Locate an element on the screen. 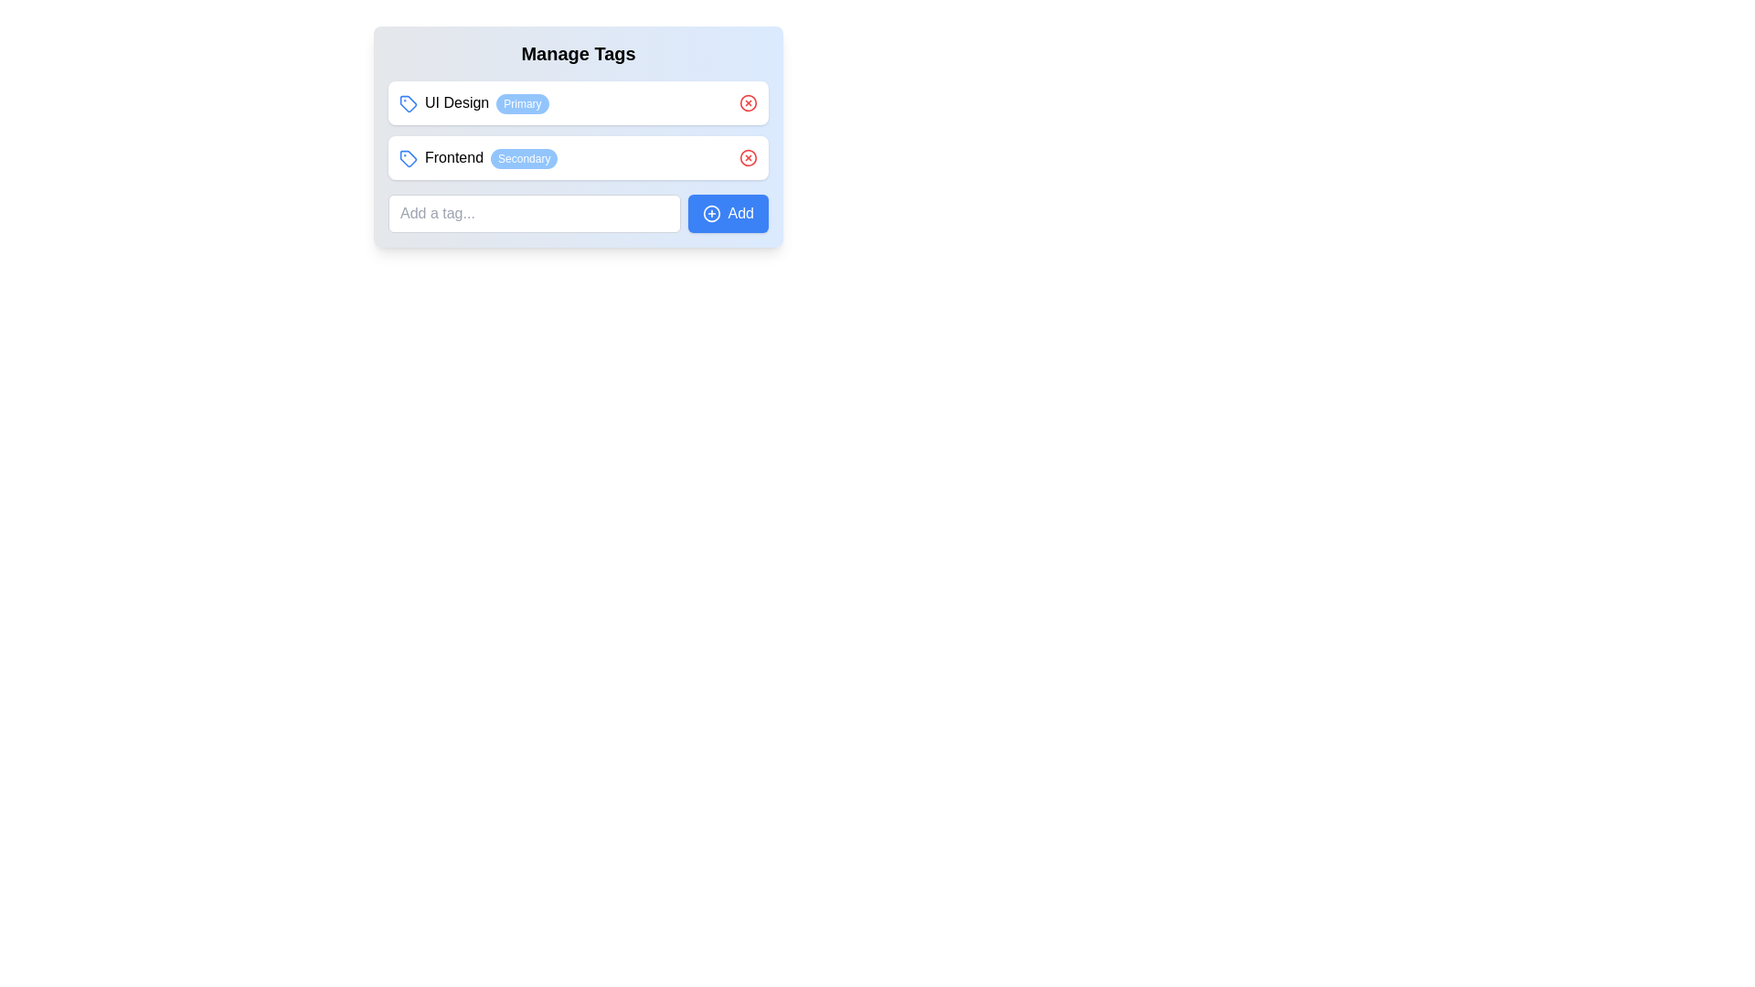 The image size is (1755, 987). the label or tag that provides secondary information about the 'UI Design' category, positioned immediately to the right of the text 'UI Design' is located at coordinates (521, 104).